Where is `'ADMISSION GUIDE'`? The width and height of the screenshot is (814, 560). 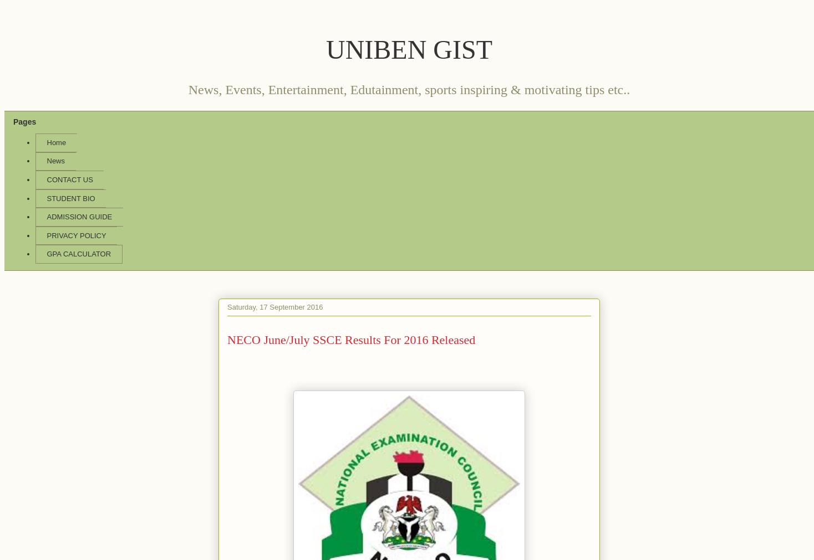
'ADMISSION GUIDE' is located at coordinates (78, 216).